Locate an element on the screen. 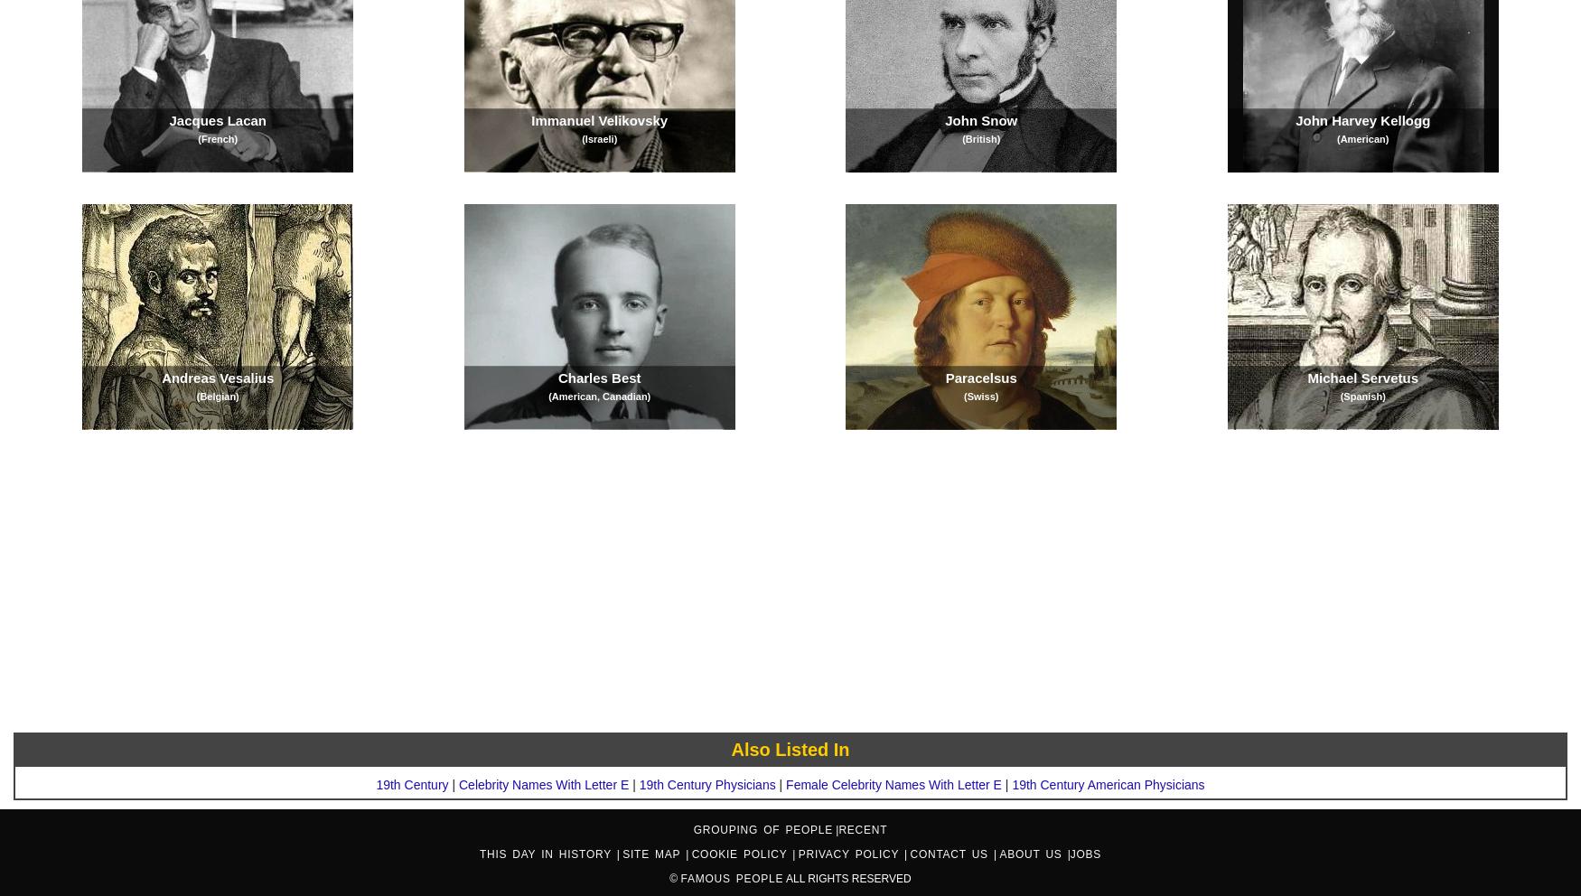  'ABOUT US' is located at coordinates (1032, 853).